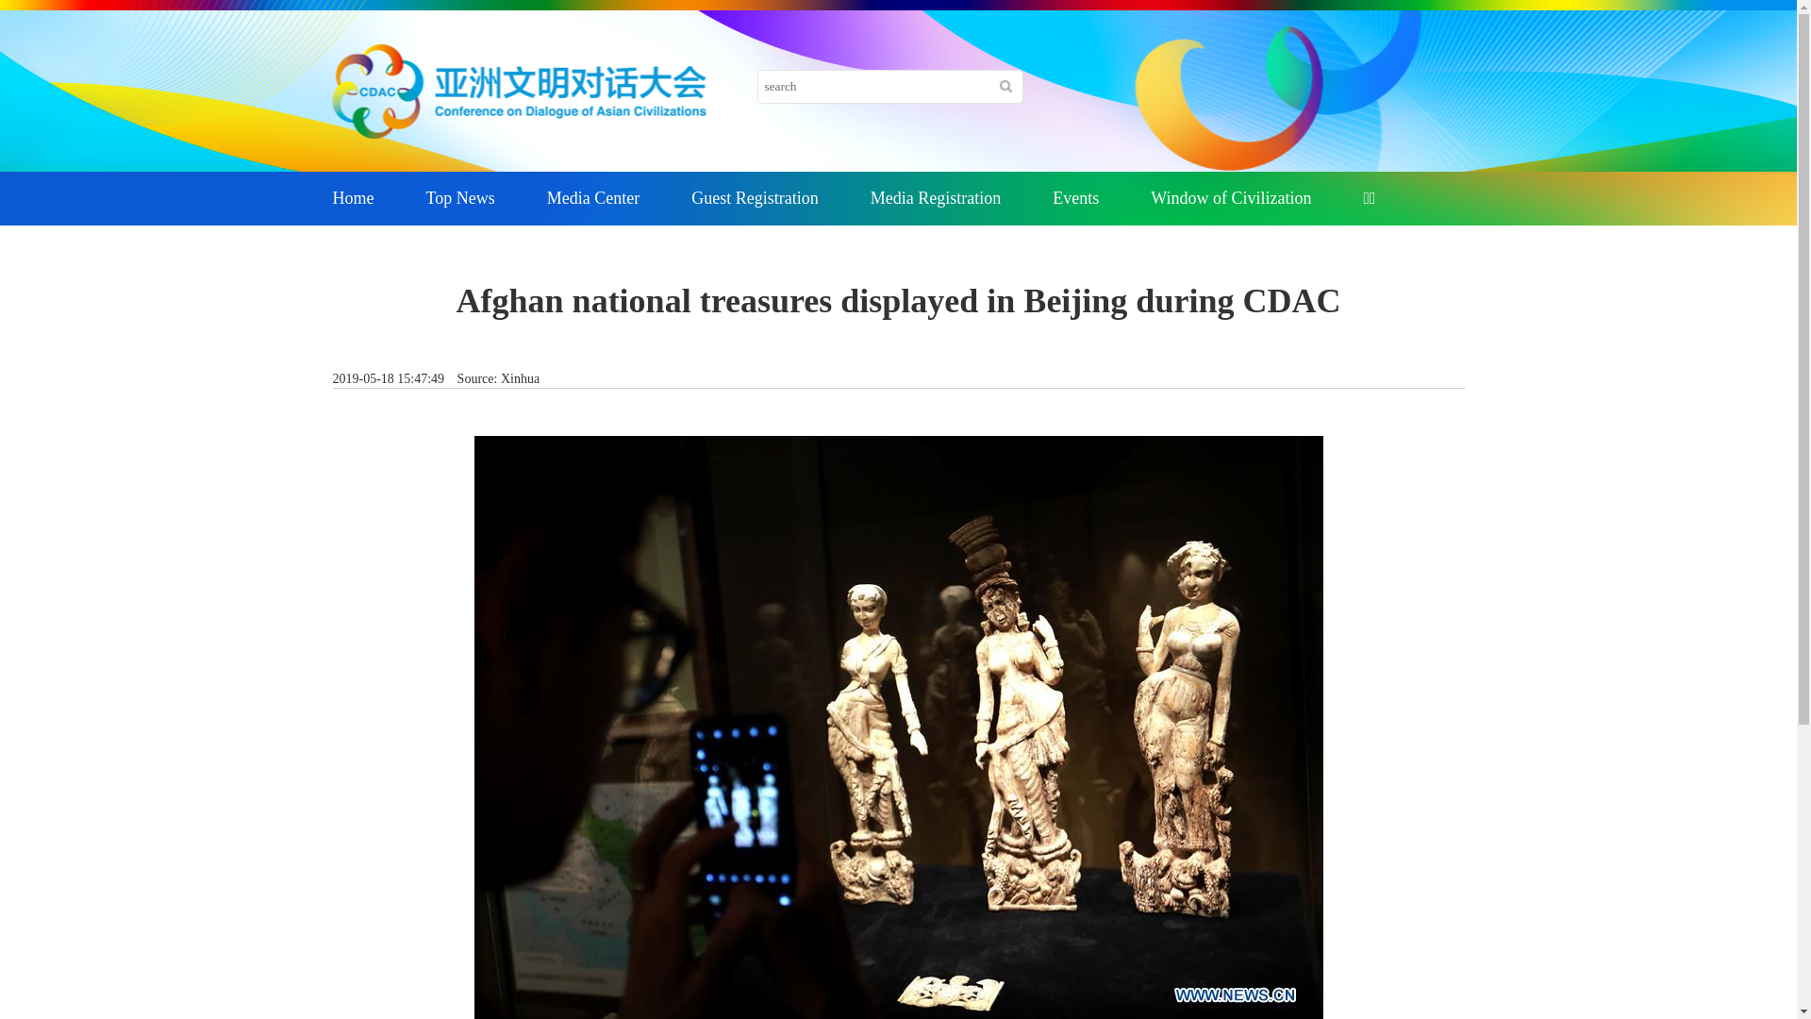  Describe the element at coordinates (755, 197) in the screenshot. I see `'Guest Registration'` at that location.